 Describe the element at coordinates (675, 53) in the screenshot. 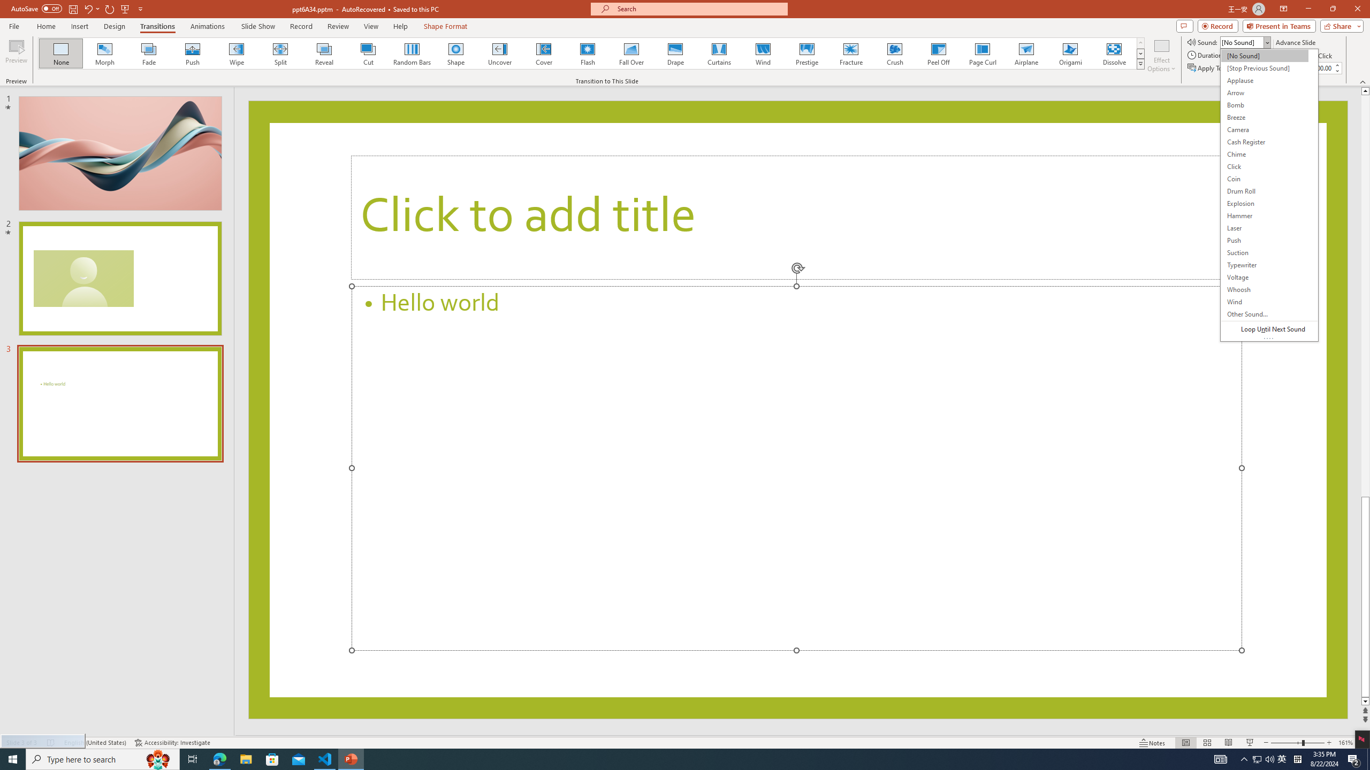

I see `'Drape'` at that location.